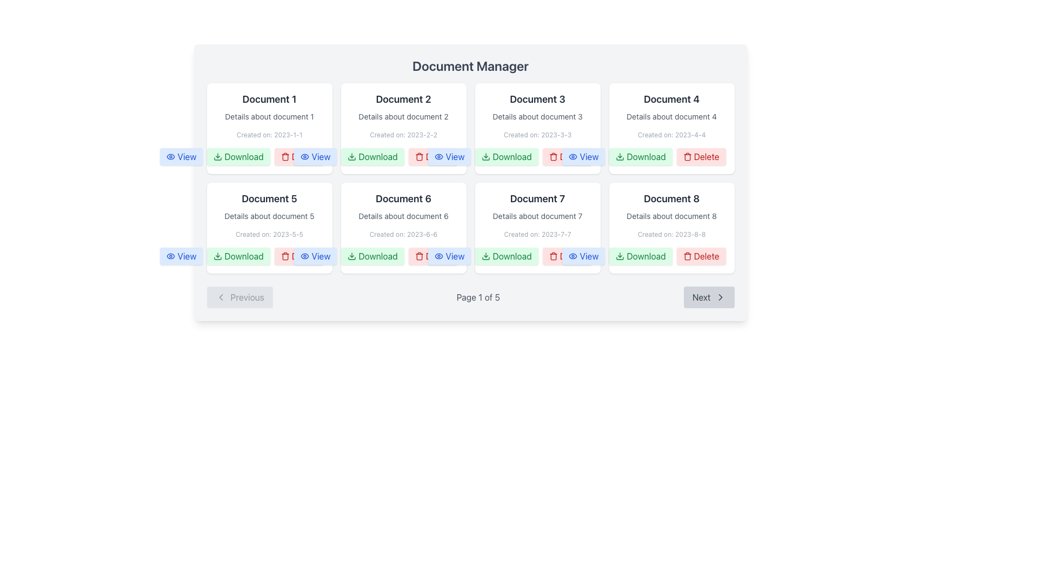  What do you see at coordinates (238, 156) in the screenshot?
I see `the 'Download' button located under the 'Document 1' card in the top-left section of the grid layout` at bounding box center [238, 156].